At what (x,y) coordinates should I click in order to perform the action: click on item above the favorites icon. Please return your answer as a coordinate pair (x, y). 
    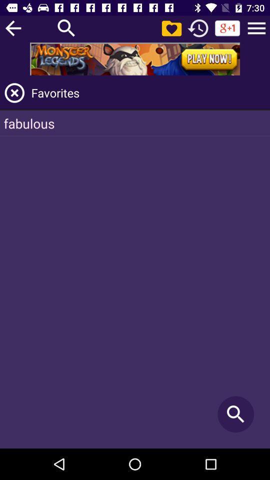
    Looking at the image, I should click on (256, 27).